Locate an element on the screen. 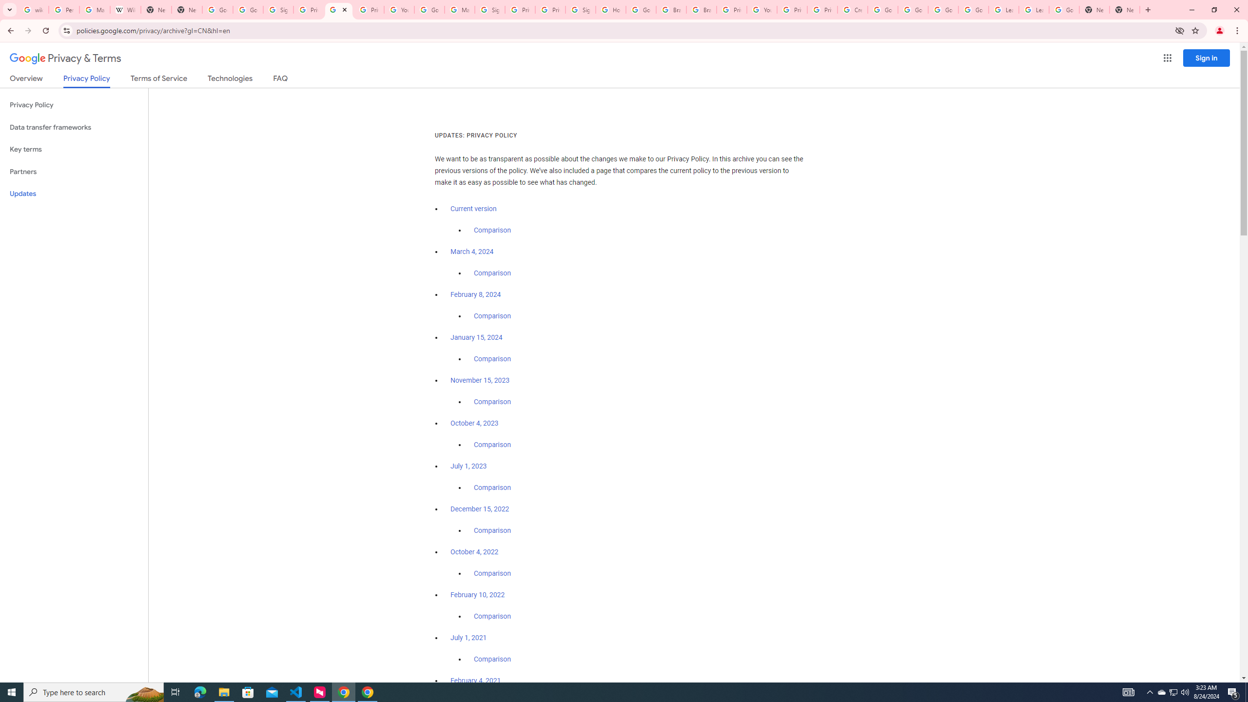 This screenshot has height=702, width=1248. 'Key terms' is located at coordinates (74, 149).